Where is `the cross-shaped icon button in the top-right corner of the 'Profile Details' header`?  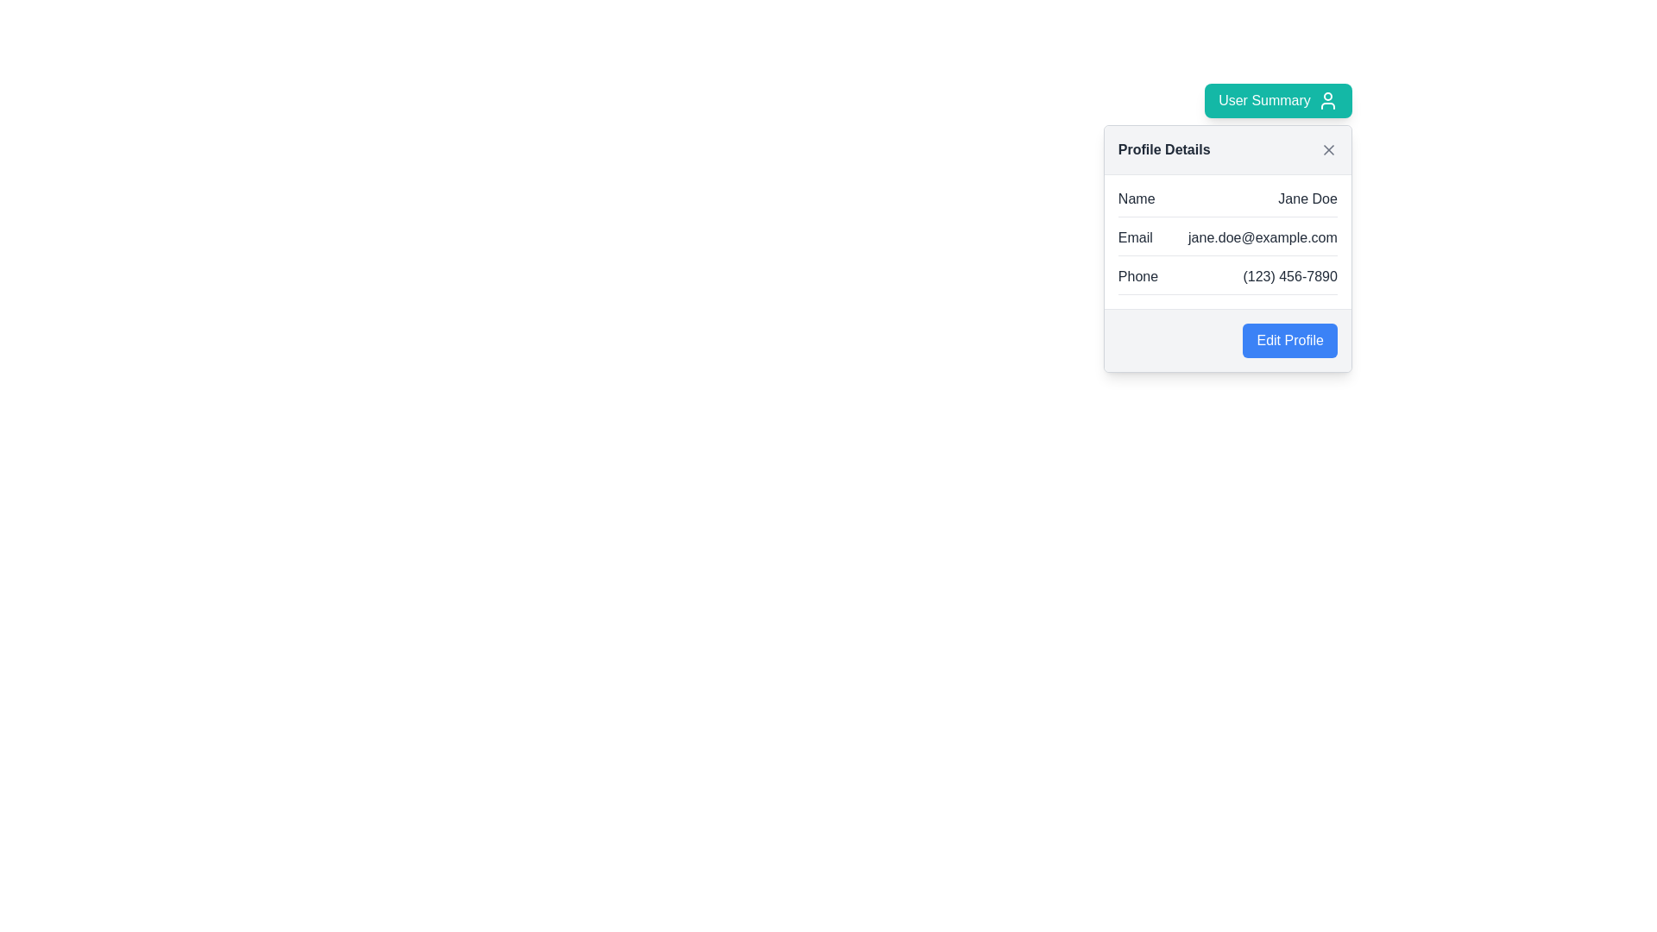
the cross-shaped icon button in the top-right corner of the 'Profile Details' header is located at coordinates (1327, 148).